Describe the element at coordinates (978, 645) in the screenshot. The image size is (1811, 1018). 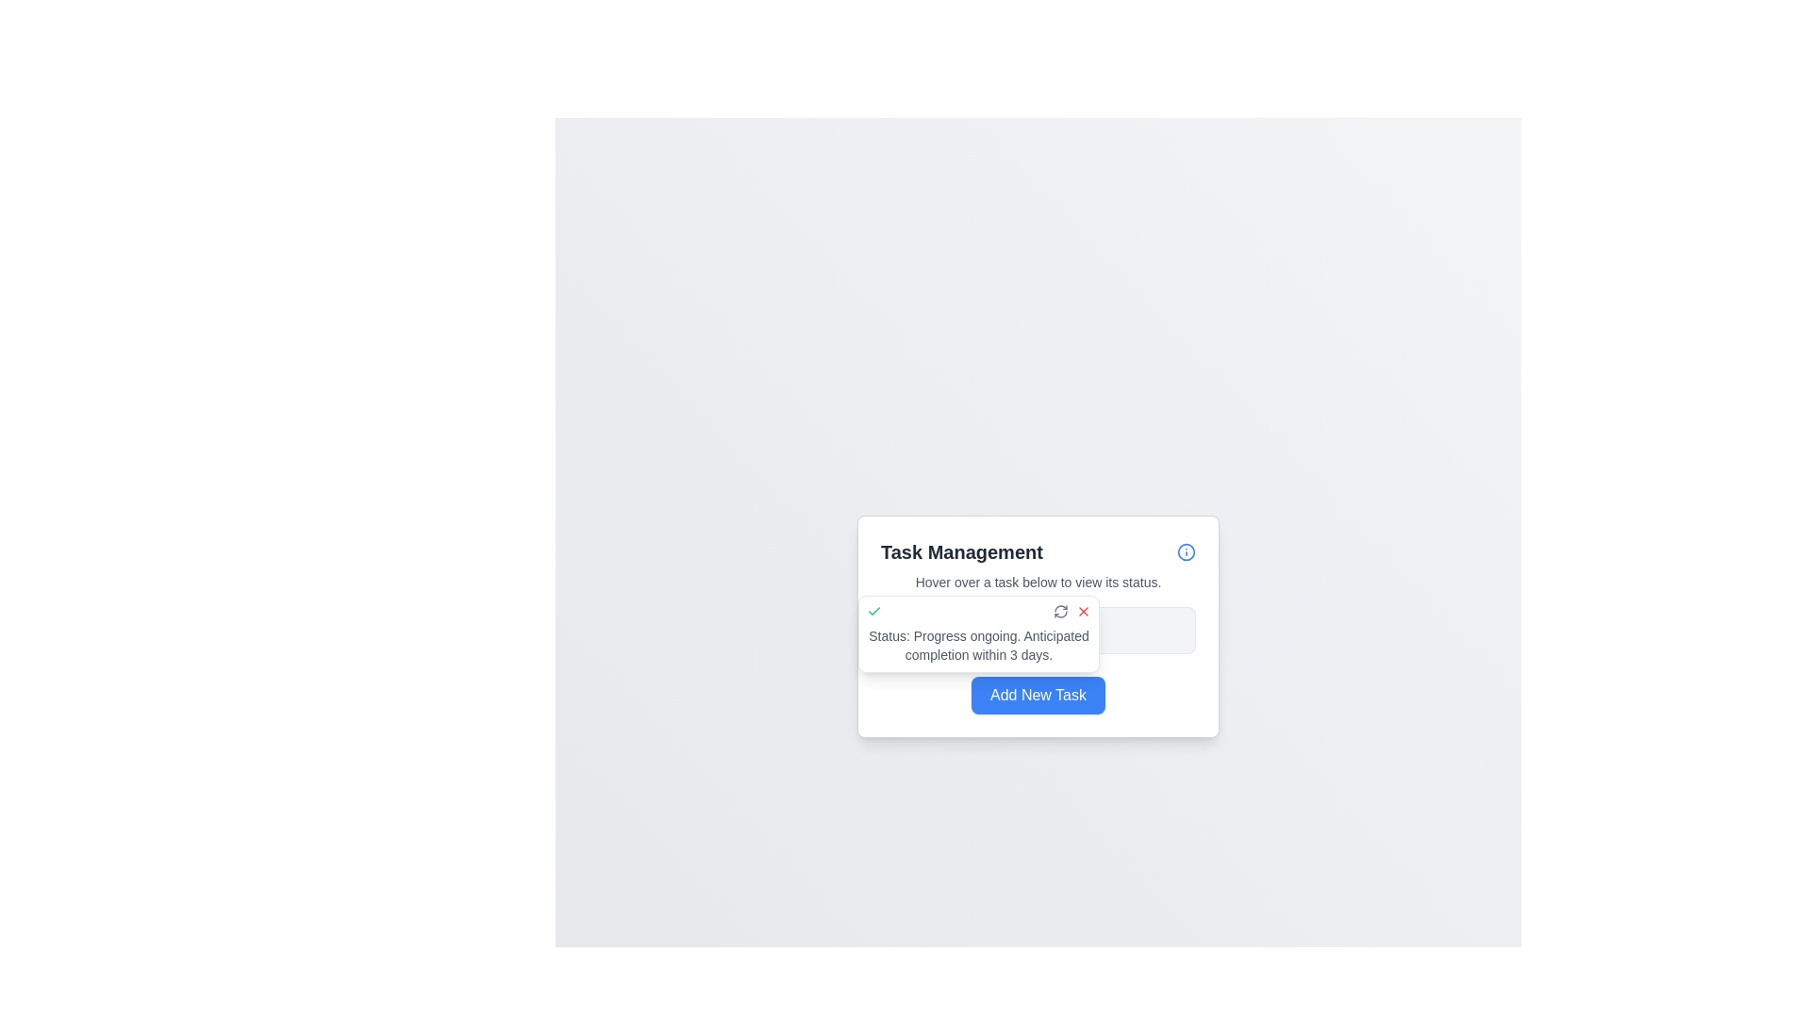
I see `the static informational text element displaying 'Status: Progress ongoing. Anticipated completion within 3 days.'` at that location.